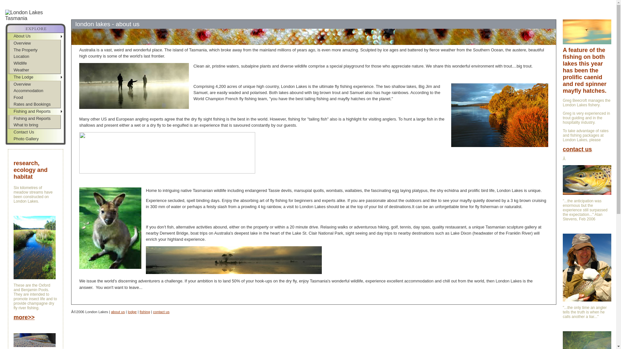  Describe the element at coordinates (139, 311) in the screenshot. I see `'fishing'` at that location.